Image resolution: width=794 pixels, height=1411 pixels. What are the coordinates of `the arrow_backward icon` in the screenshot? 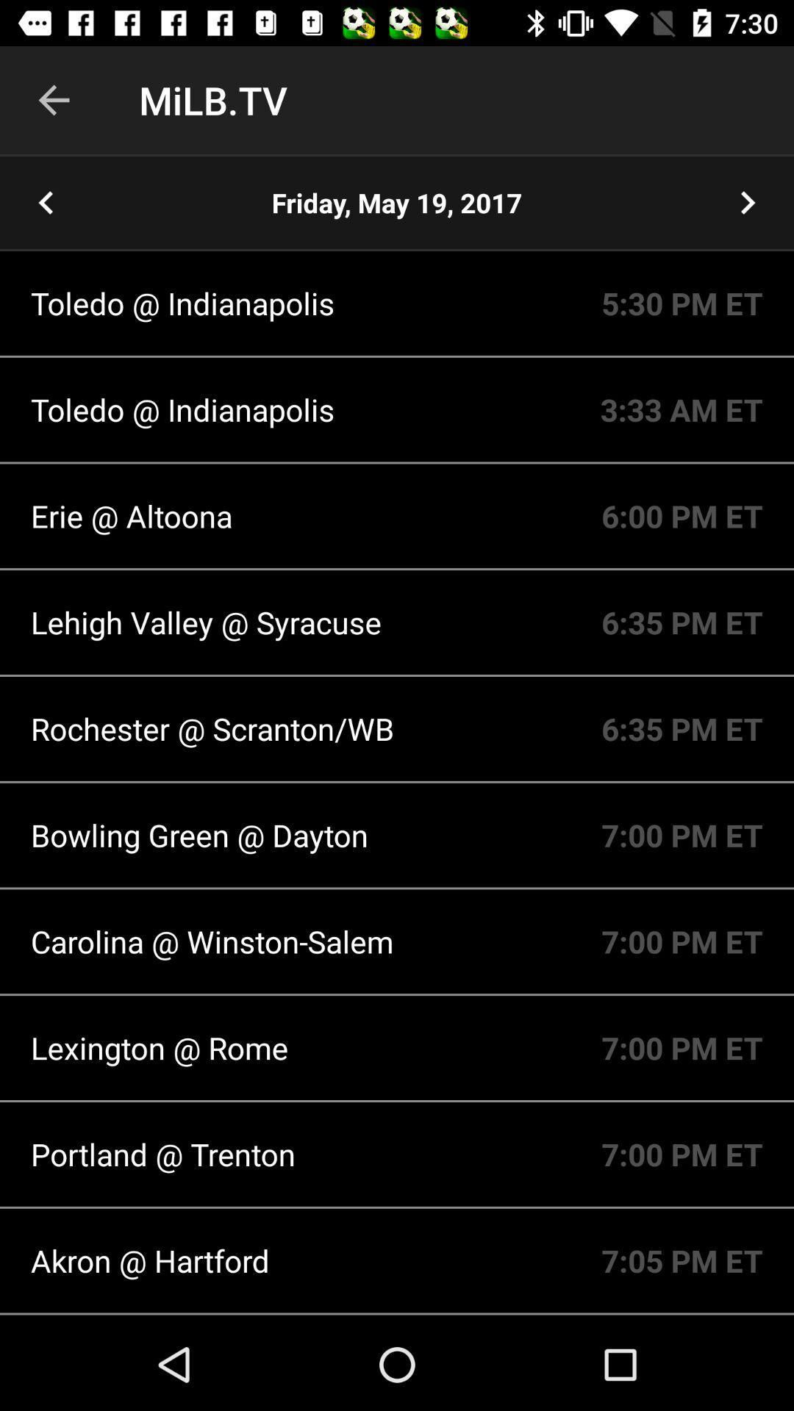 It's located at (45, 201).